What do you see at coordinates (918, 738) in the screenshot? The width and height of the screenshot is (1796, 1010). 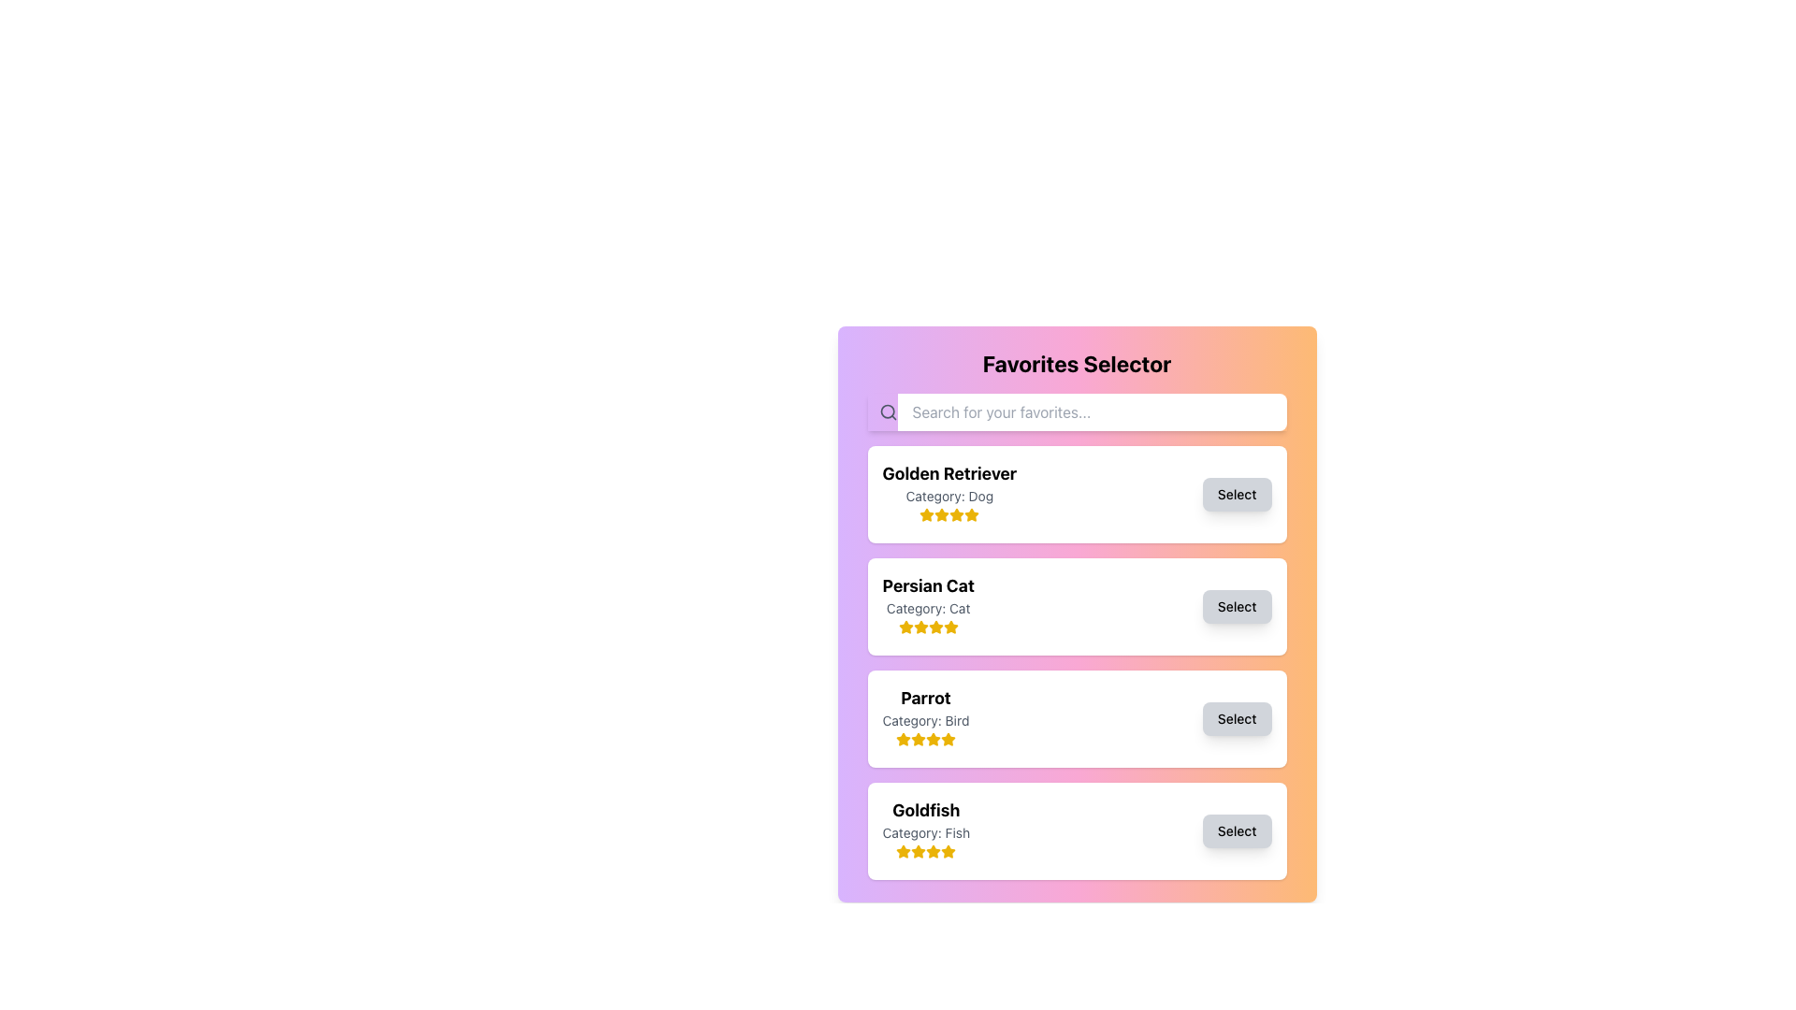 I see `the second star icon in the rating group for the 'Parrot' item to interact with the rating display` at bounding box center [918, 738].